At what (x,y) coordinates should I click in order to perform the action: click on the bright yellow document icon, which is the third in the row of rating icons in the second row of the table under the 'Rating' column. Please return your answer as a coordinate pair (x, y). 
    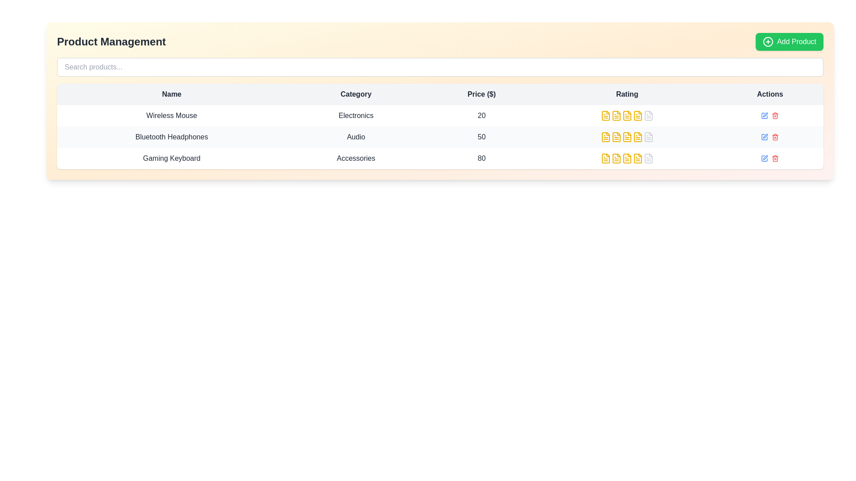
    Looking at the image, I should click on (616, 115).